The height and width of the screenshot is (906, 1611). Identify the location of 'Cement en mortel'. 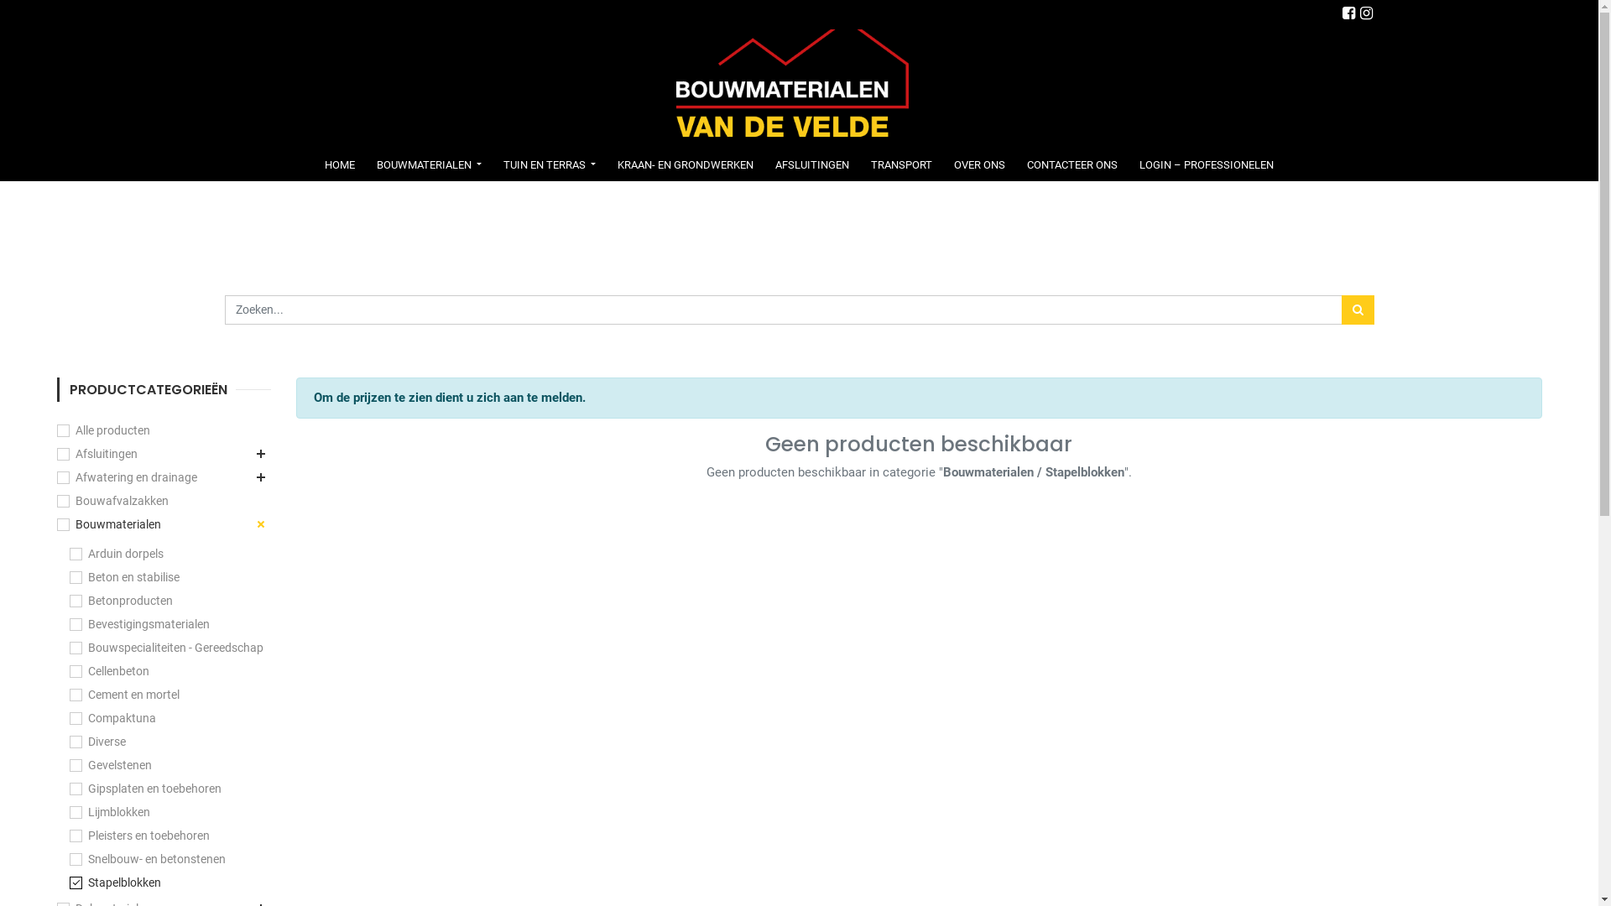
(123, 695).